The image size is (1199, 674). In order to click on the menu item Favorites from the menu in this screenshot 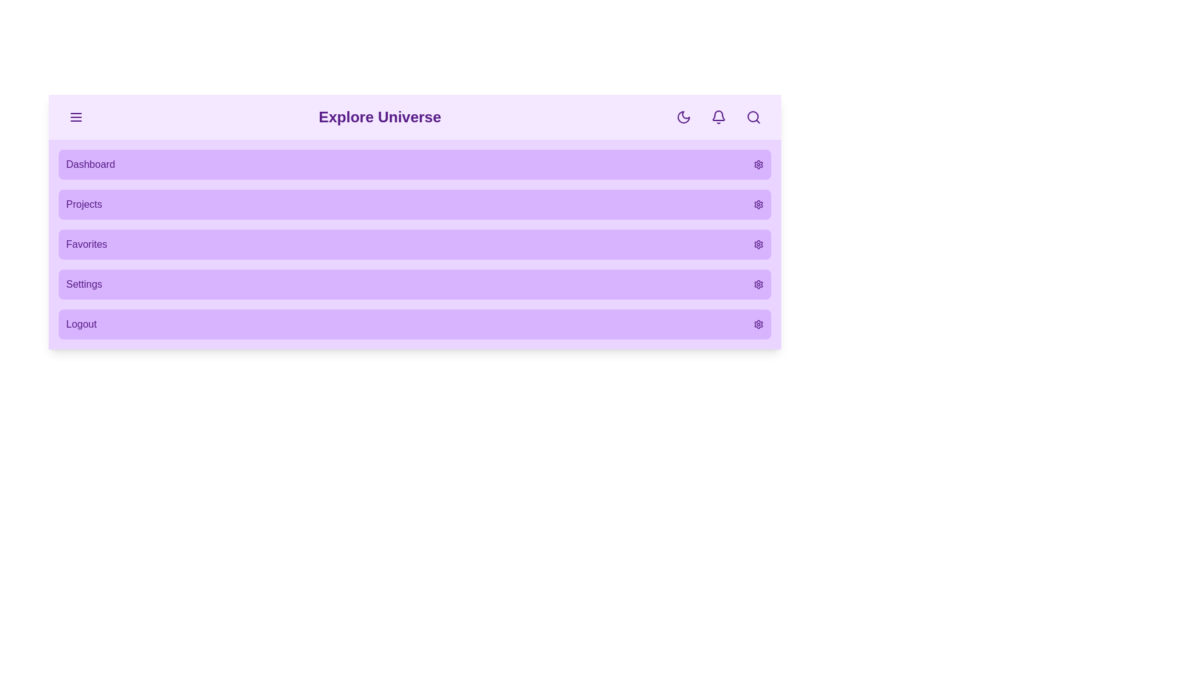, I will do `click(415, 245)`.